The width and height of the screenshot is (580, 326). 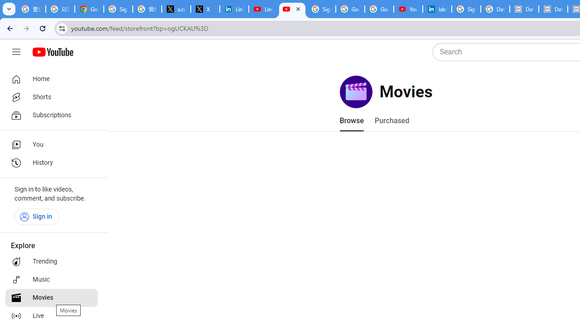 I want to click on 'X', so click(x=205, y=9).